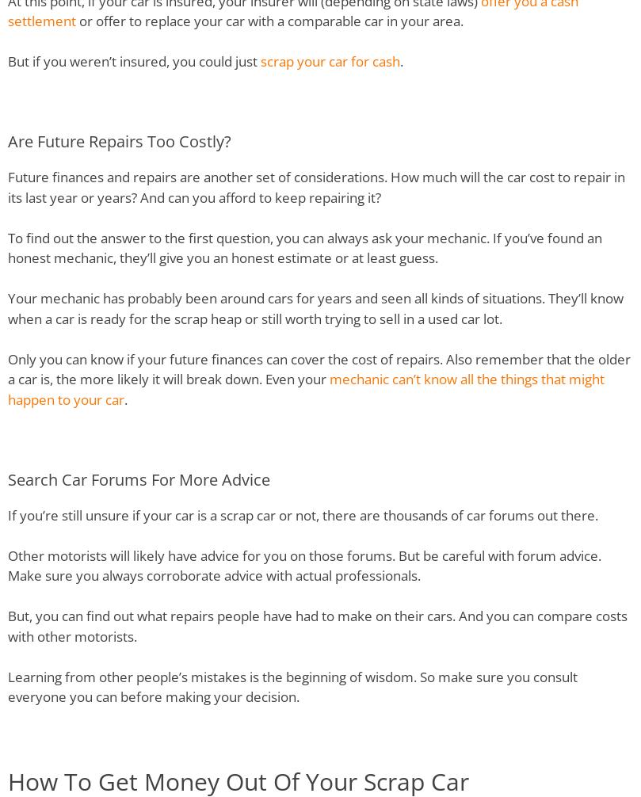 This screenshot has width=641, height=797. Describe the element at coordinates (304, 565) in the screenshot. I see `'Other motorists will likely have advice for you on those forums. But be careful with forum advice. Make sure you always corroborate advice with actual professionals.'` at that location.